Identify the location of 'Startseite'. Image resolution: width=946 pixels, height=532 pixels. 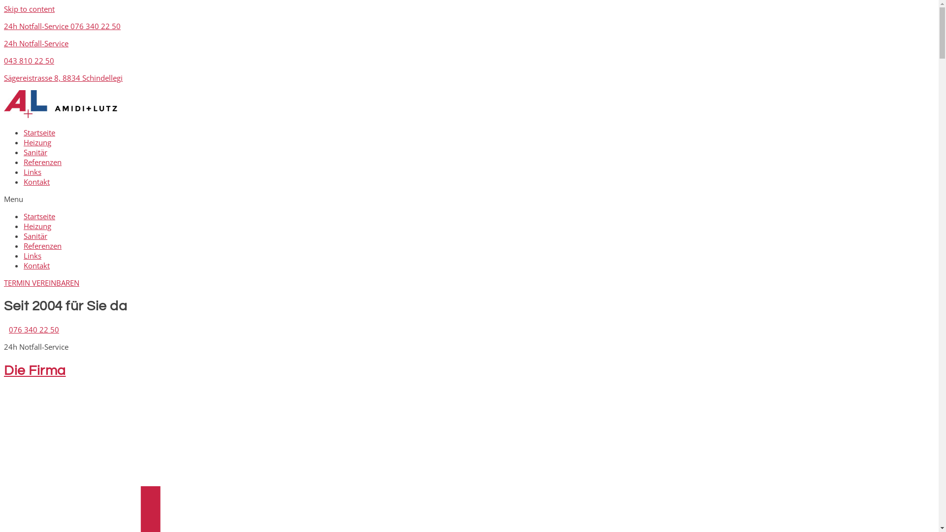
(39, 132).